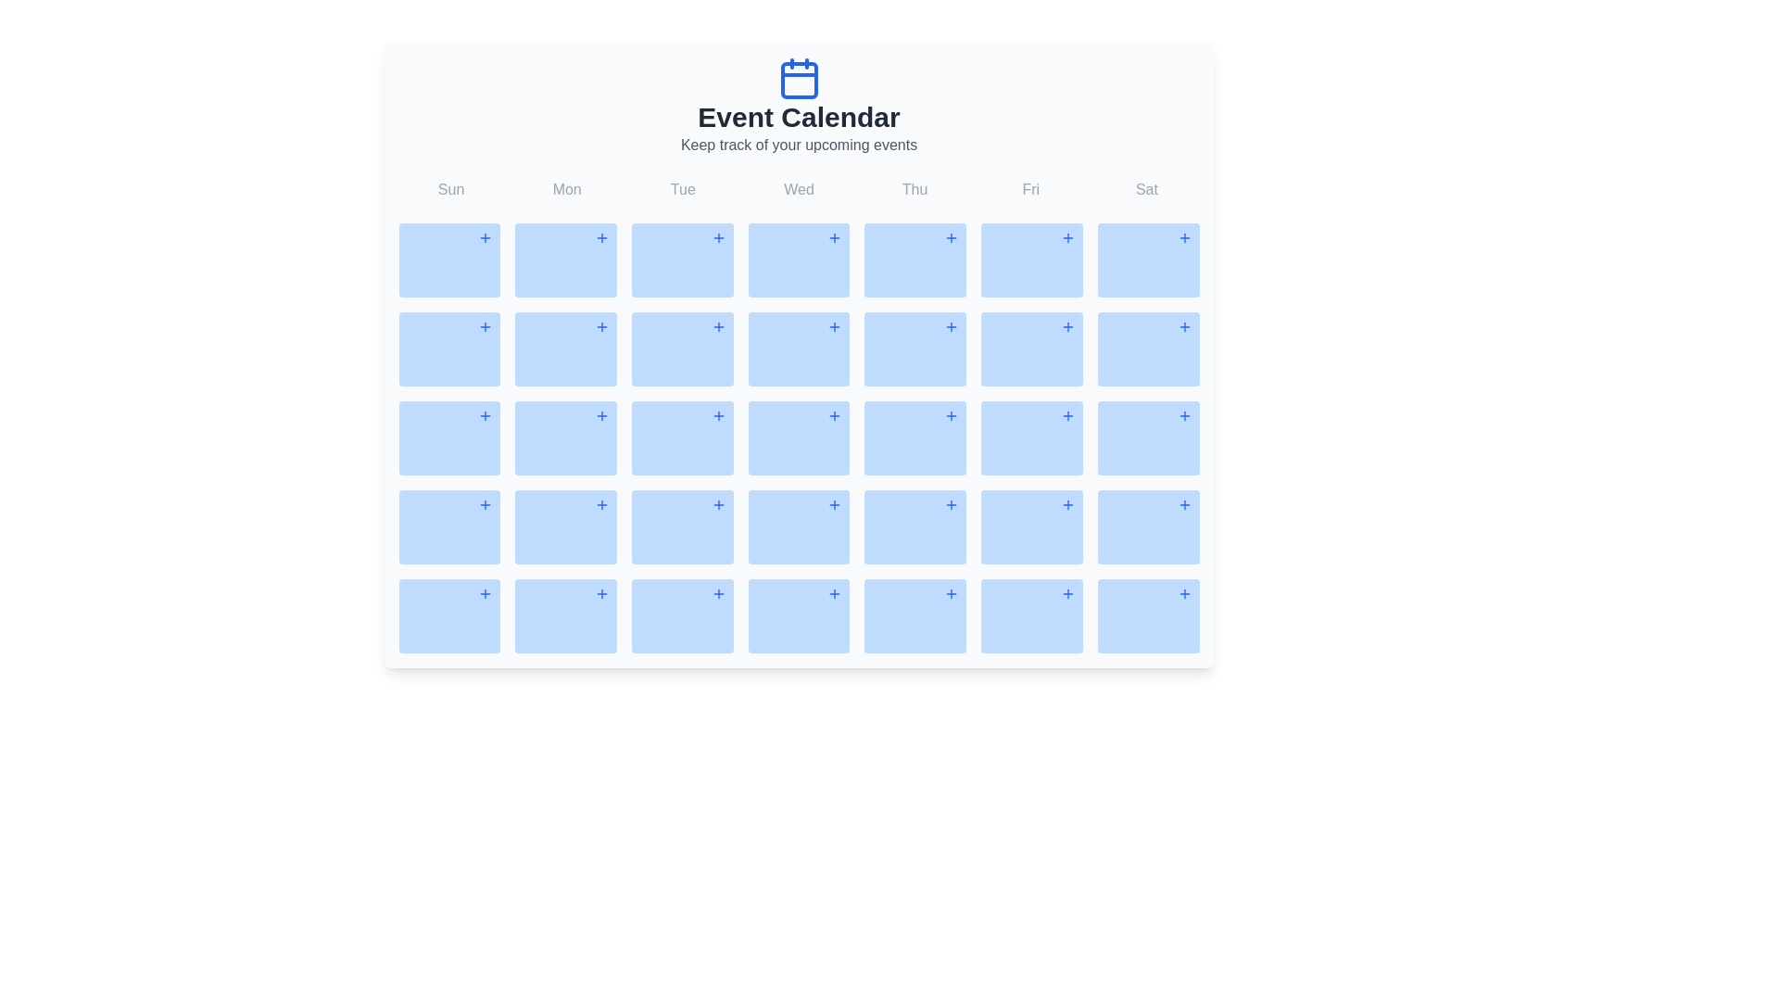  Describe the element at coordinates (952, 593) in the screenshot. I see `the plus icon button, which is styled in blue and located in the bottom row and fifth column of the grid layout` at that location.